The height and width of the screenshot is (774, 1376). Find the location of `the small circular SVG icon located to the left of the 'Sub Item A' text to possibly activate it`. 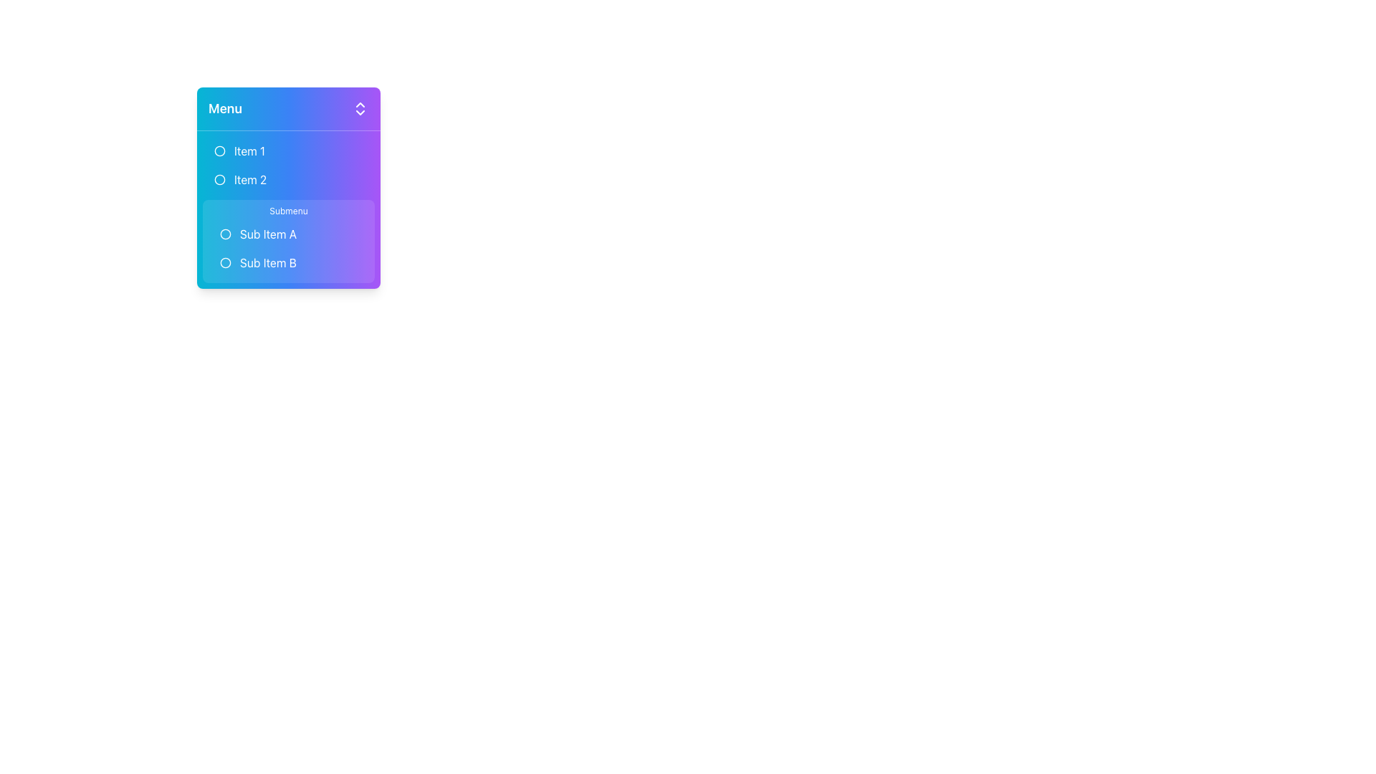

the small circular SVG icon located to the left of the 'Sub Item A' text to possibly activate it is located at coordinates (225, 234).